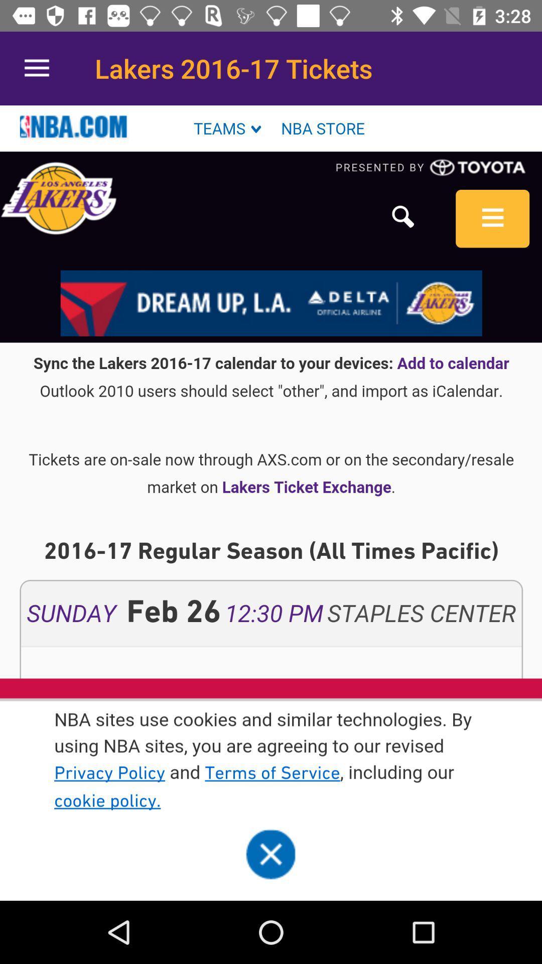 Image resolution: width=542 pixels, height=964 pixels. Describe the element at coordinates (271, 503) in the screenshot. I see `color print` at that location.